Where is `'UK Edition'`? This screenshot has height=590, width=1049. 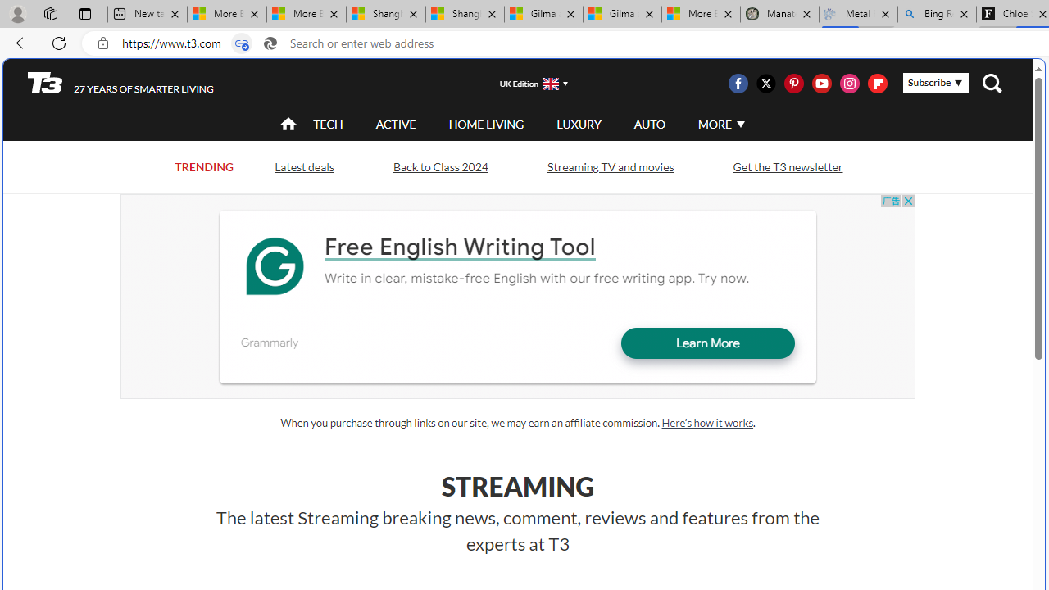 'UK Edition' is located at coordinates (527, 83).